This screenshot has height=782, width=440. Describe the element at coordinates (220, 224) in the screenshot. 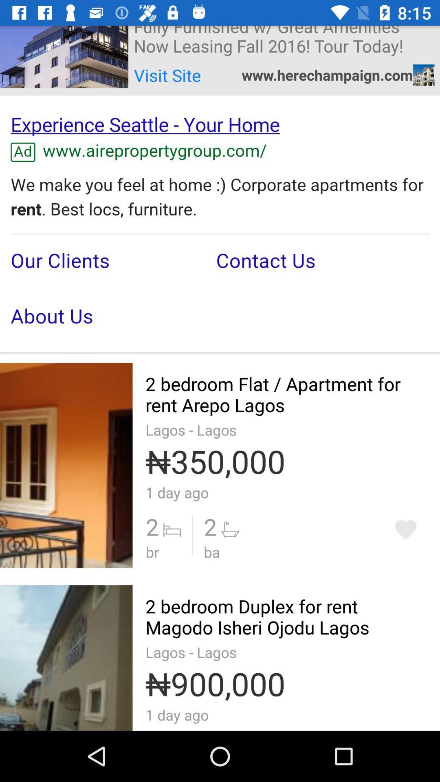

I see `seeing in the paragraph` at that location.